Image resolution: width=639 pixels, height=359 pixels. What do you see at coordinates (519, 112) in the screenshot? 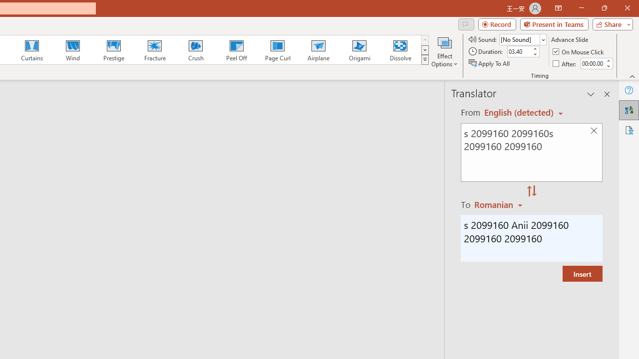
I see `'Czech (detected)'` at bounding box center [519, 112].